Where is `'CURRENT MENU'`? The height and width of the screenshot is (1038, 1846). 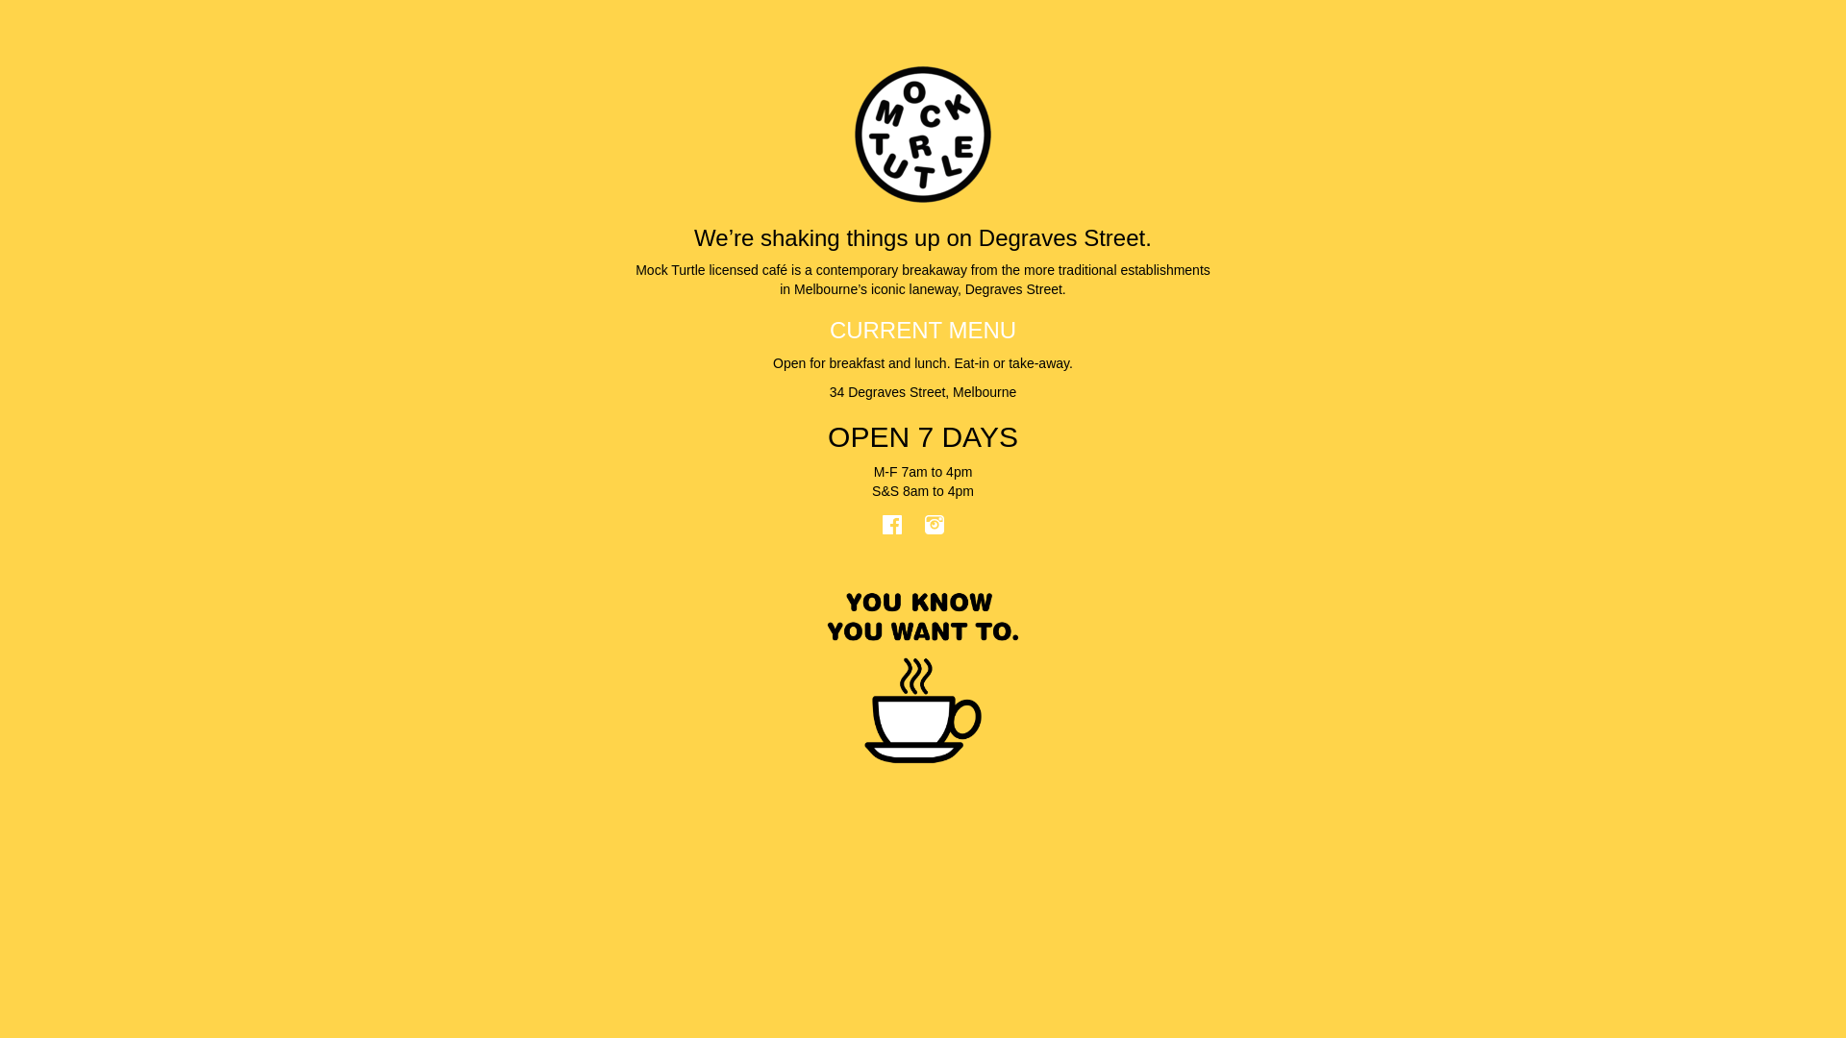
'CURRENT MENU' is located at coordinates (923, 329).